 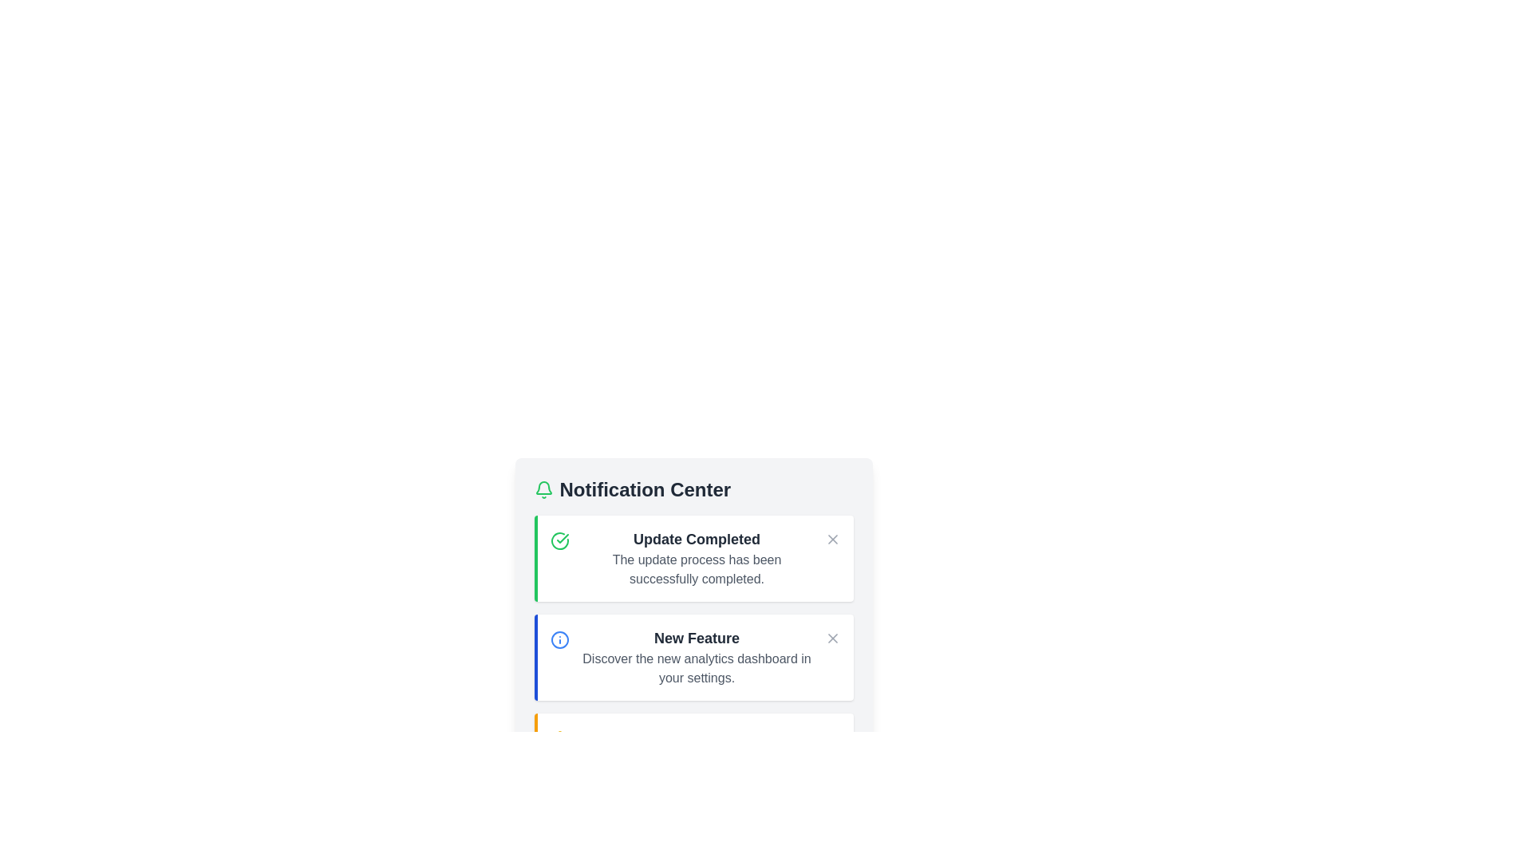 I want to click on the circular blue icon located to the left of the title text in the 'New Feature' notification card within the 'Notification Center', so click(x=559, y=639).